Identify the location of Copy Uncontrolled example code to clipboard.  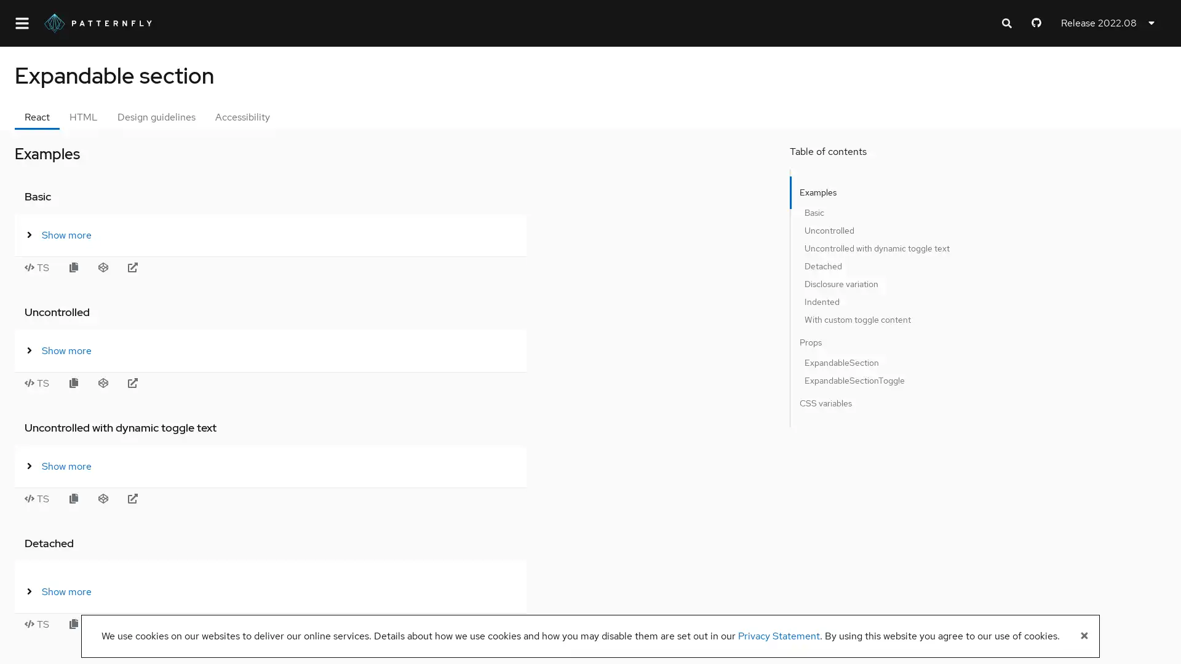
(251, 382).